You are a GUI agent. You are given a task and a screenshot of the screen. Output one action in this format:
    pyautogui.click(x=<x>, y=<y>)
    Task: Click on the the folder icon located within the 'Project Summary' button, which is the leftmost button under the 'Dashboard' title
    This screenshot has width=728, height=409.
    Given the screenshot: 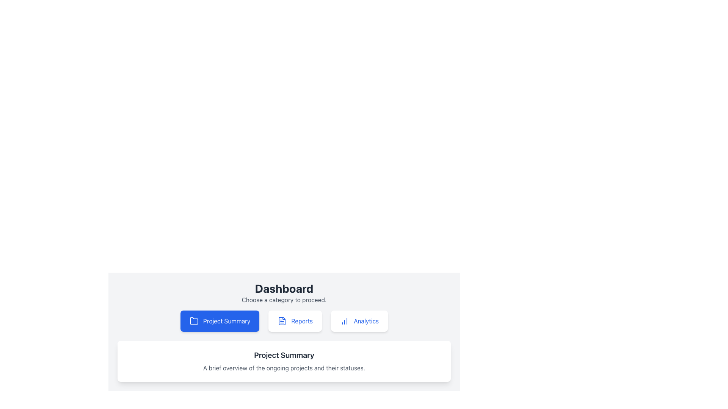 What is the action you would take?
    pyautogui.click(x=194, y=321)
    